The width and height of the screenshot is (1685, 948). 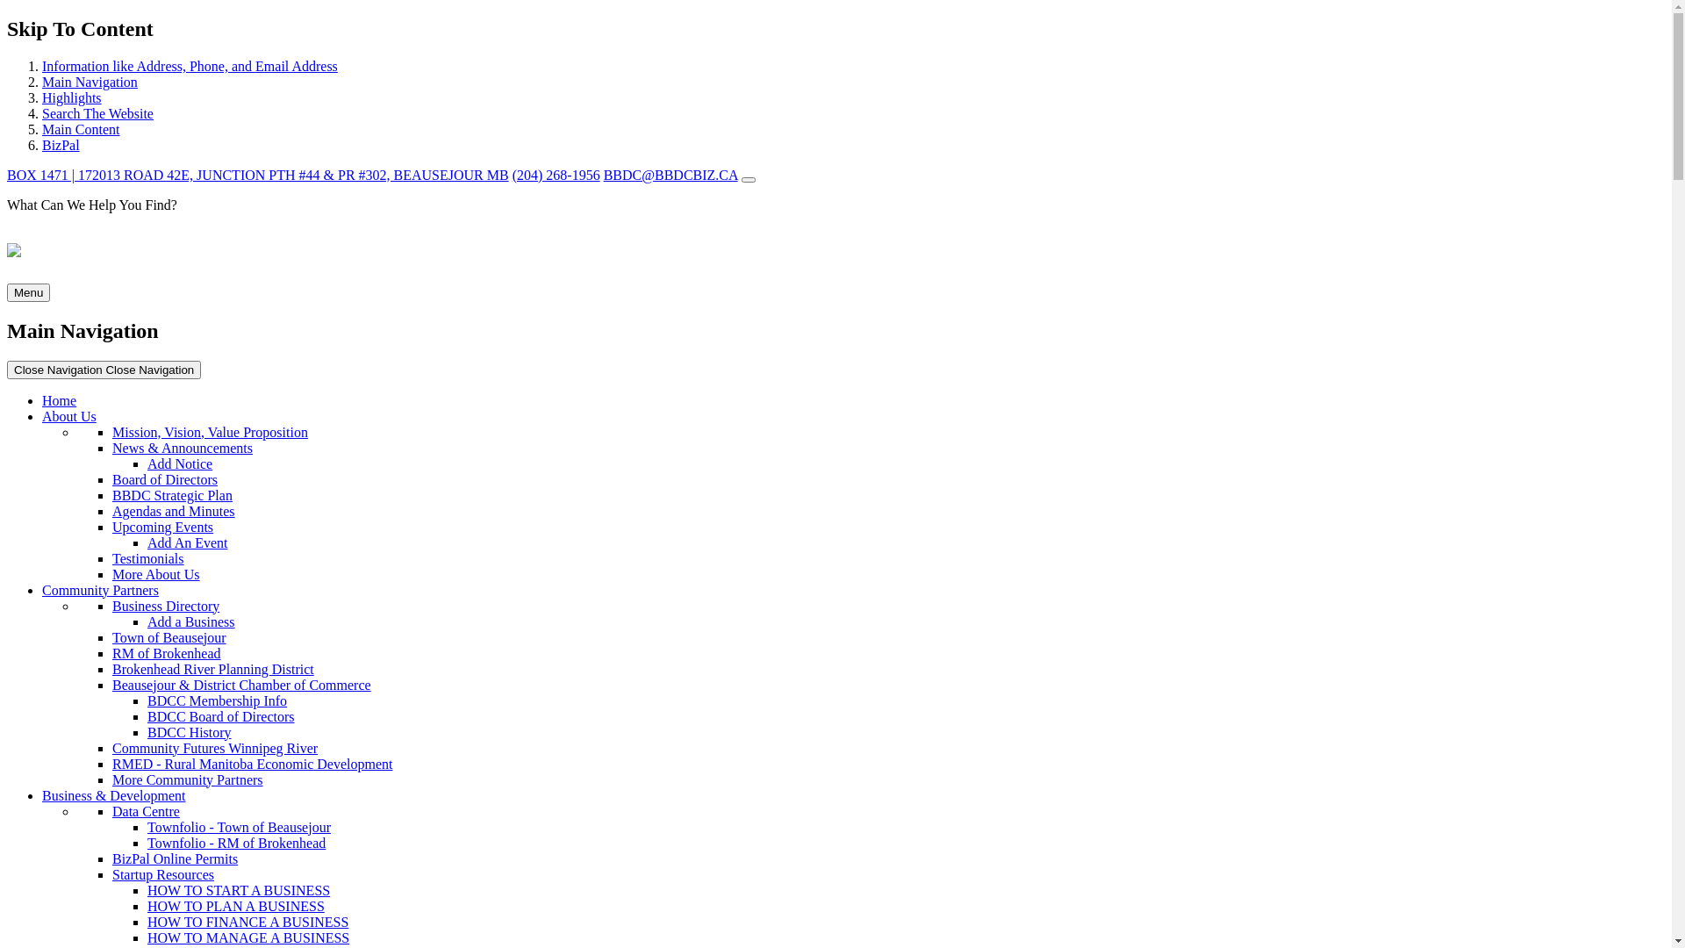 I want to click on 'Add a Business', so click(x=190, y=621).